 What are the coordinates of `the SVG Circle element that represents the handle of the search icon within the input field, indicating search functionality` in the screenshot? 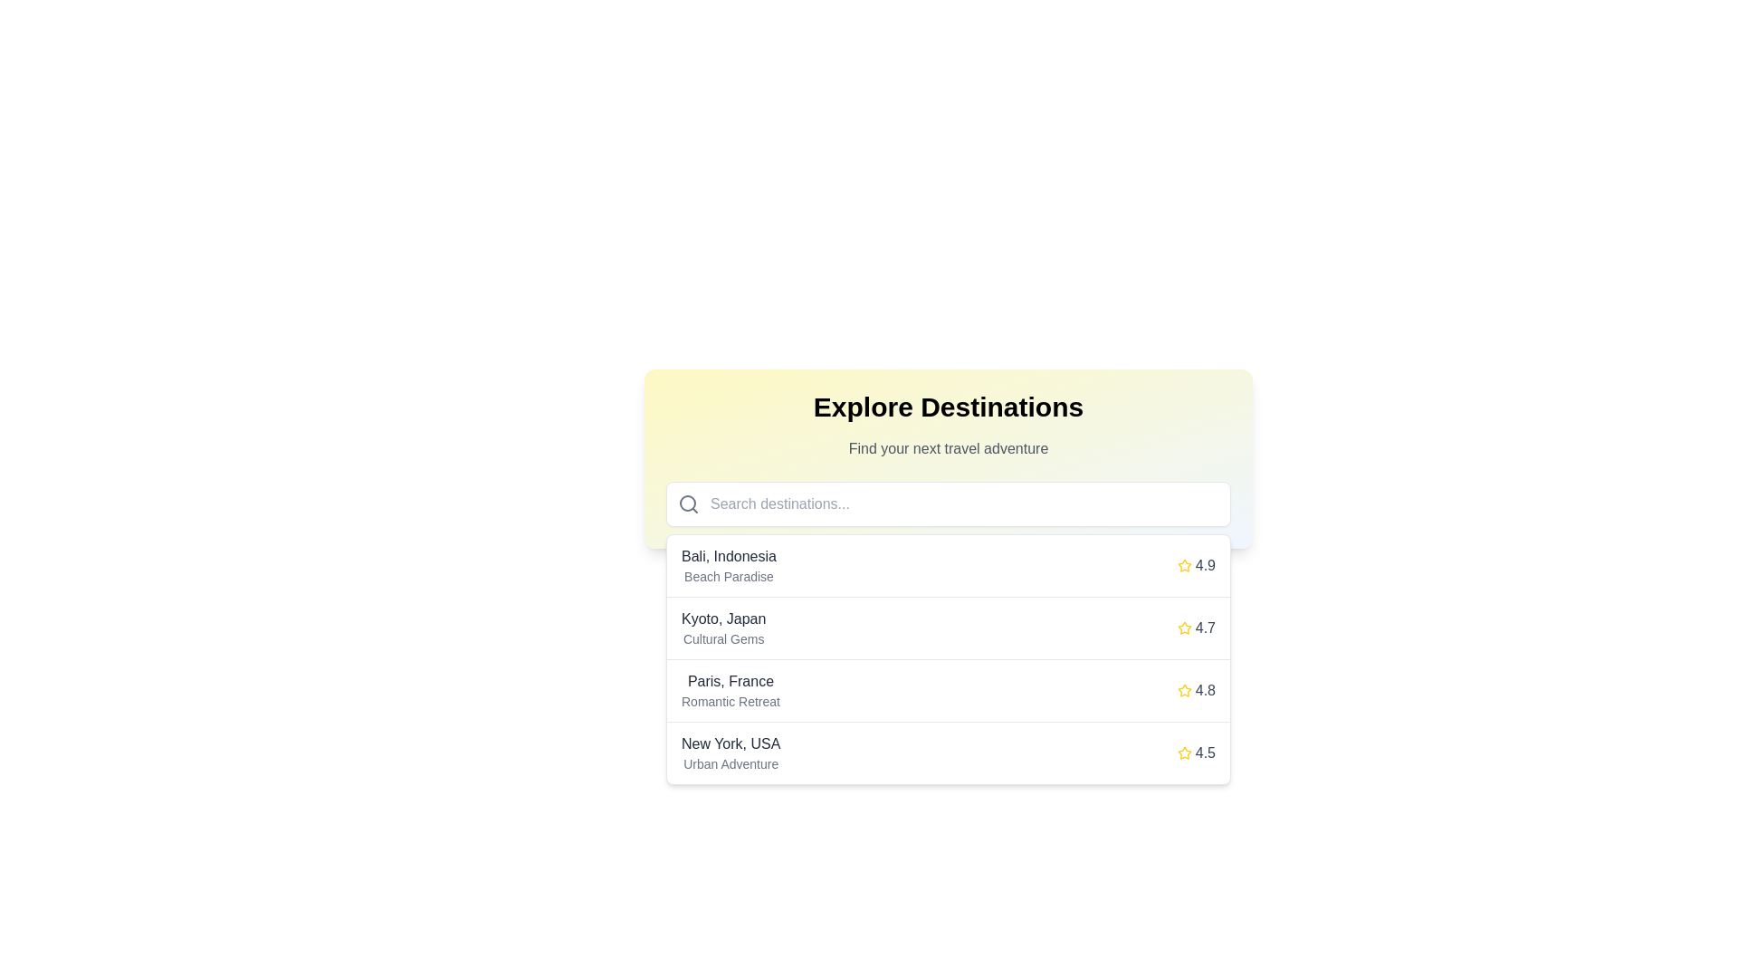 It's located at (686, 503).